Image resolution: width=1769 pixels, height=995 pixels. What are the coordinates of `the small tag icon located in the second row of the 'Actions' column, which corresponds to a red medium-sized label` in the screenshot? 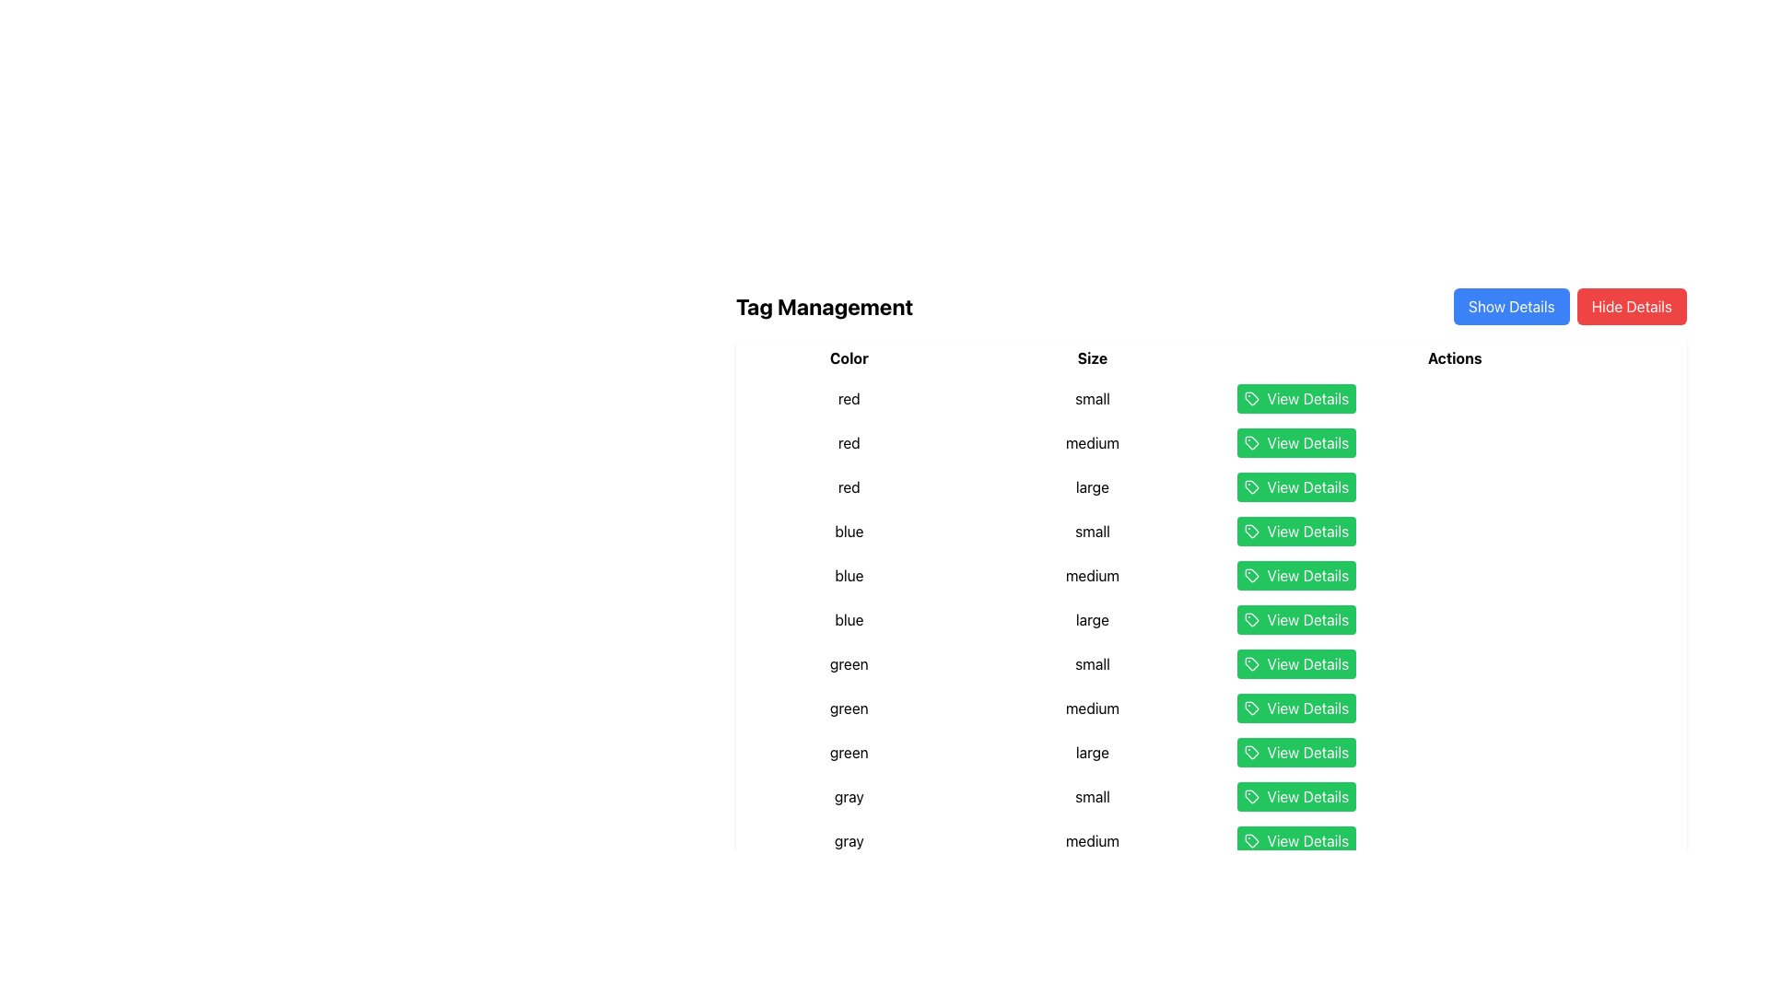 It's located at (1252, 443).